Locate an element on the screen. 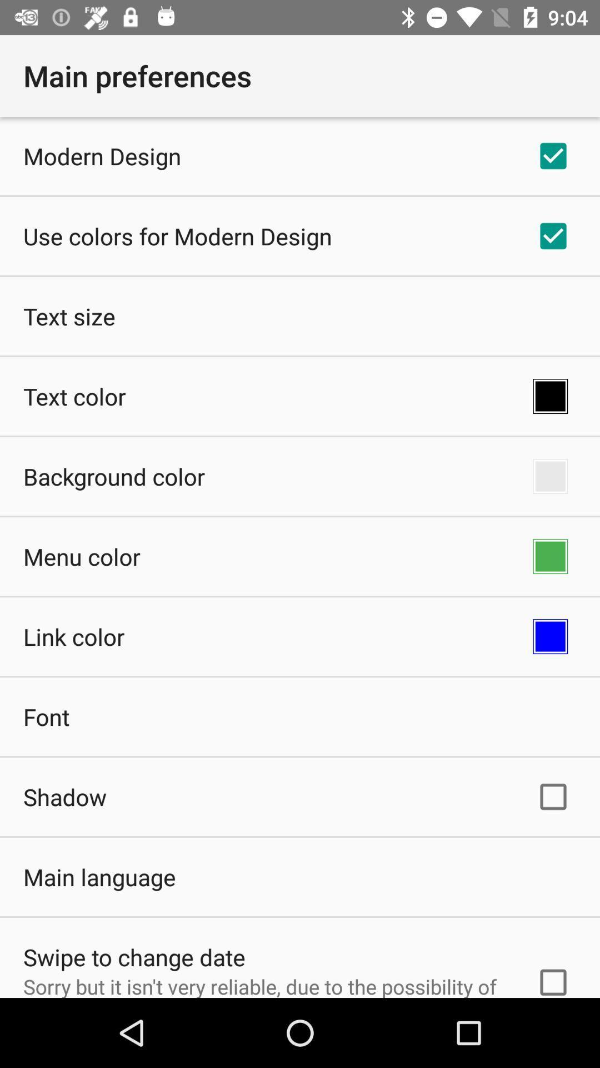 This screenshot has height=1068, width=600. the app to the right of menu color icon is located at coordinates (550, 556).